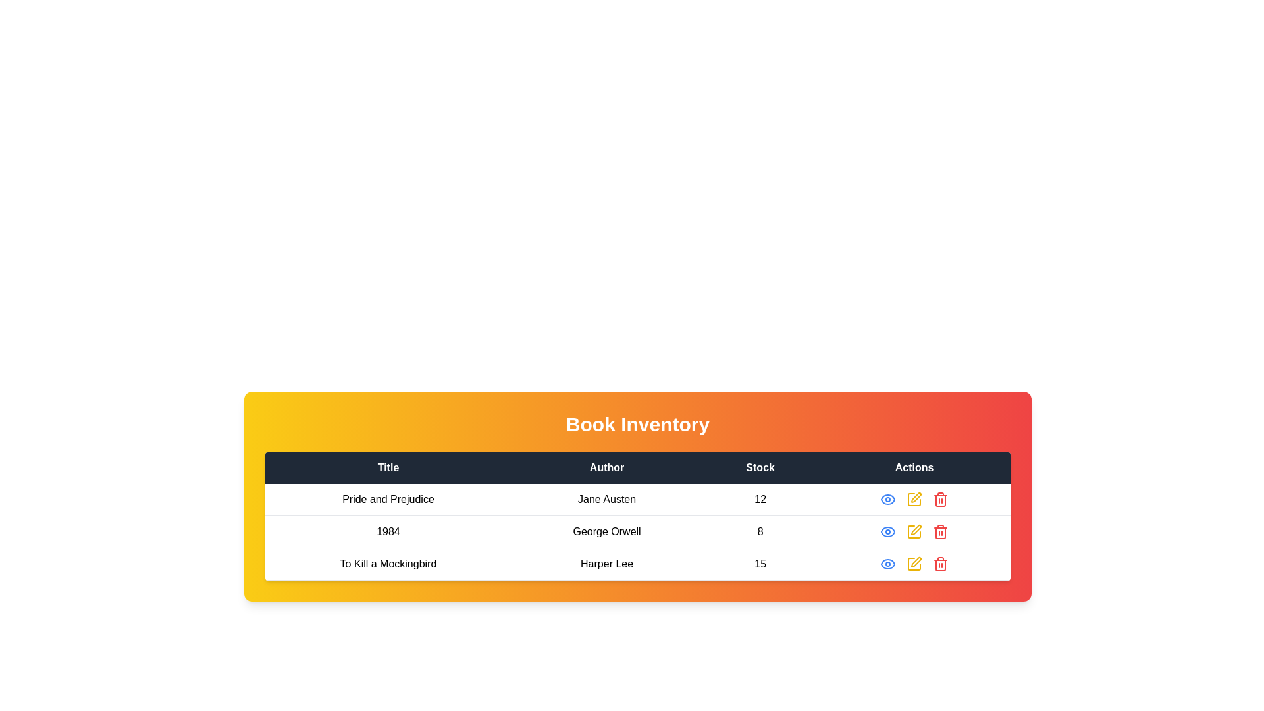 The height and width of the screenshot is (711, 1264). Describe the element at coordinates (606, 531) in the screenshot. I see `text content of the Text Label displaying 'George Orwell', located in the 'Author' column of the table aligned with the book title '1984'` at that location.